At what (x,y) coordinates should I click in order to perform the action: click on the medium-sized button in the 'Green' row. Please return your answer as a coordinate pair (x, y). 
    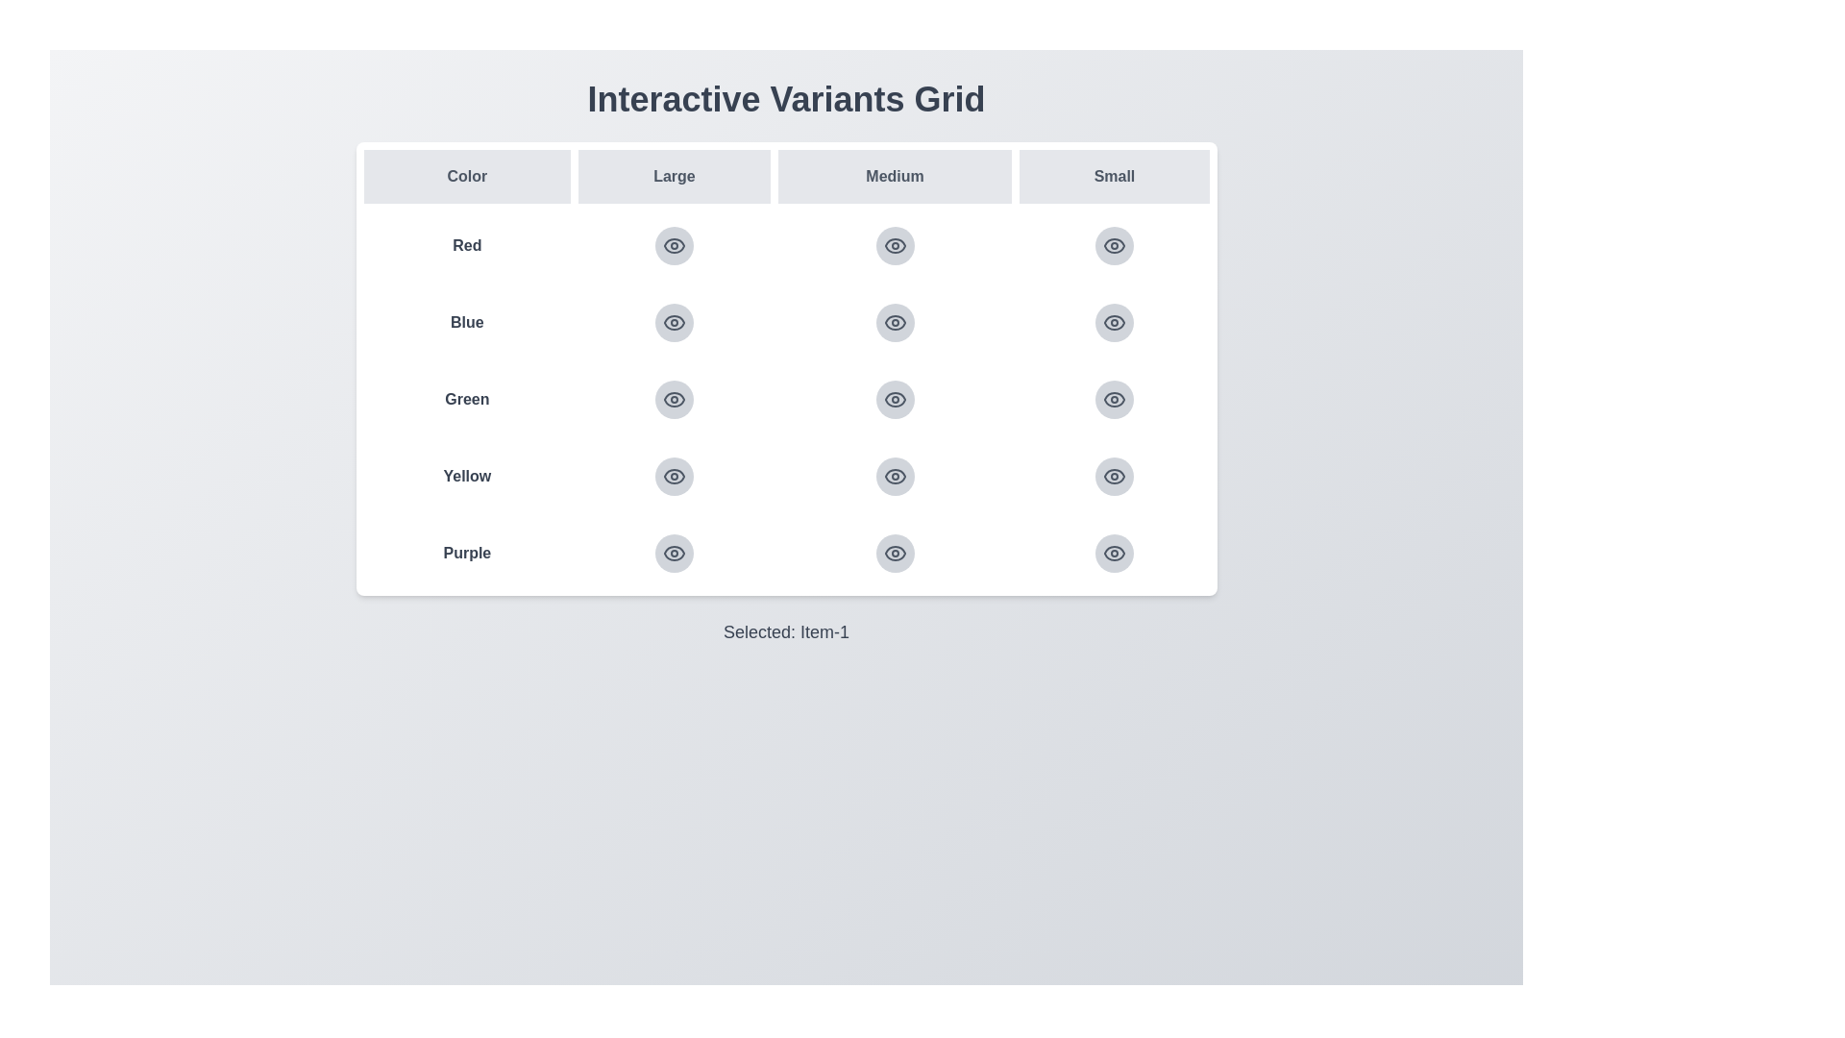
    Looking at the image, I should click on (894, 399).